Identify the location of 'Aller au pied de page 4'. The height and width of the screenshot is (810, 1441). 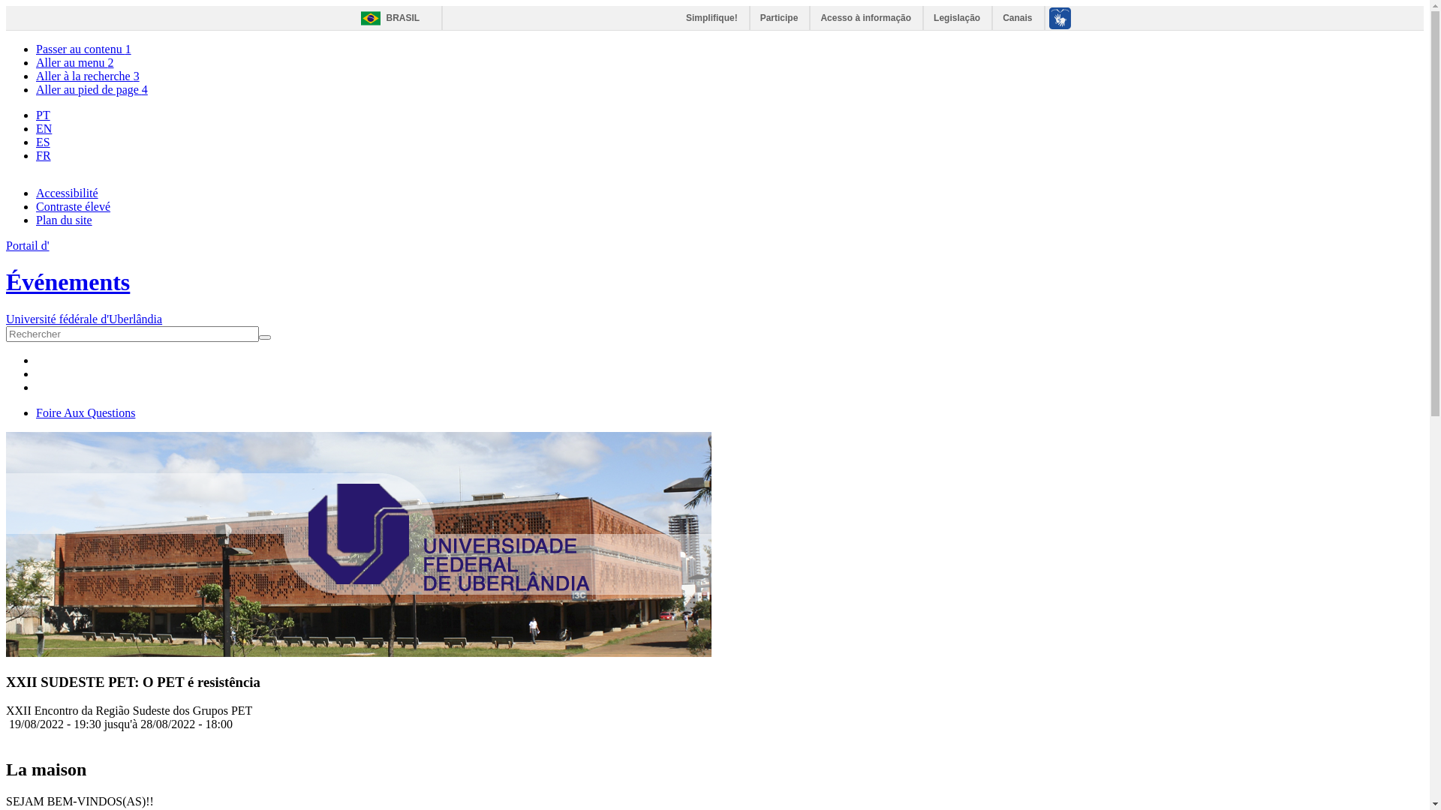
(91, 89).